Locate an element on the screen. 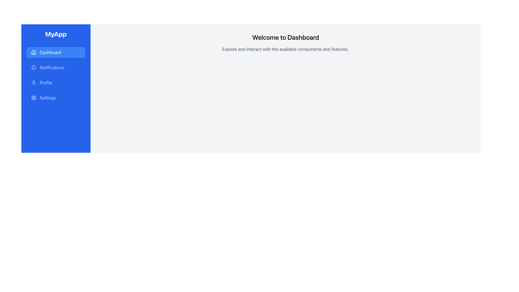 This screenshot has width=519, height=292. the bell icon representing notifications in the sidebar's notification section, which is the second item in the vertical list of navigation items is located at coordinates (33, 66).